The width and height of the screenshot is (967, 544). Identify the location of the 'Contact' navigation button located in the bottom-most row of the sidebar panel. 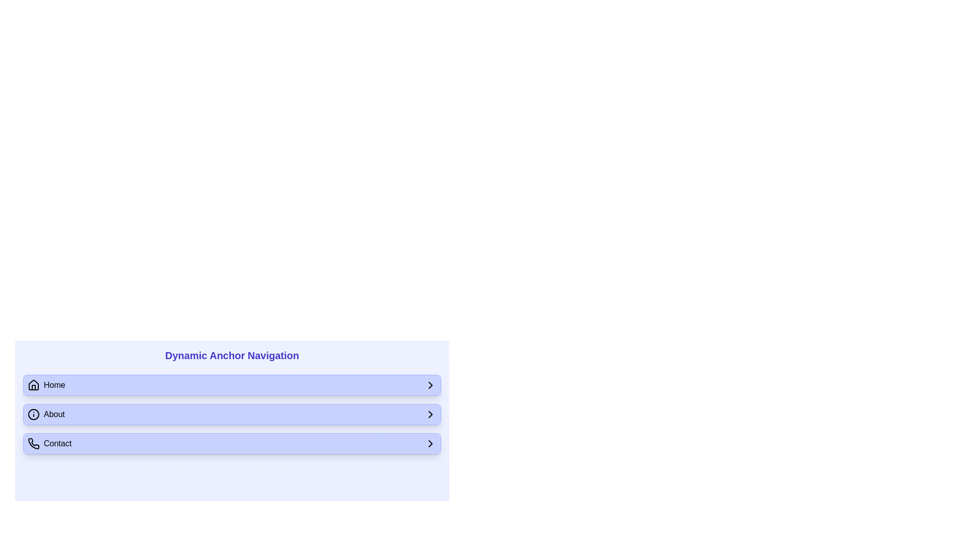
(49, 443).